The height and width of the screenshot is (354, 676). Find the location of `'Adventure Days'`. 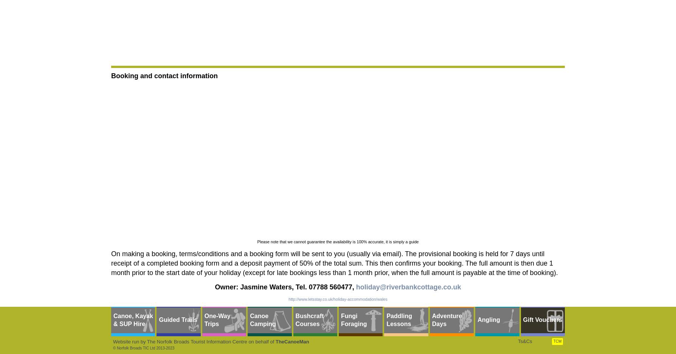

'Adventure Days' is located at coordinates (446, 320).